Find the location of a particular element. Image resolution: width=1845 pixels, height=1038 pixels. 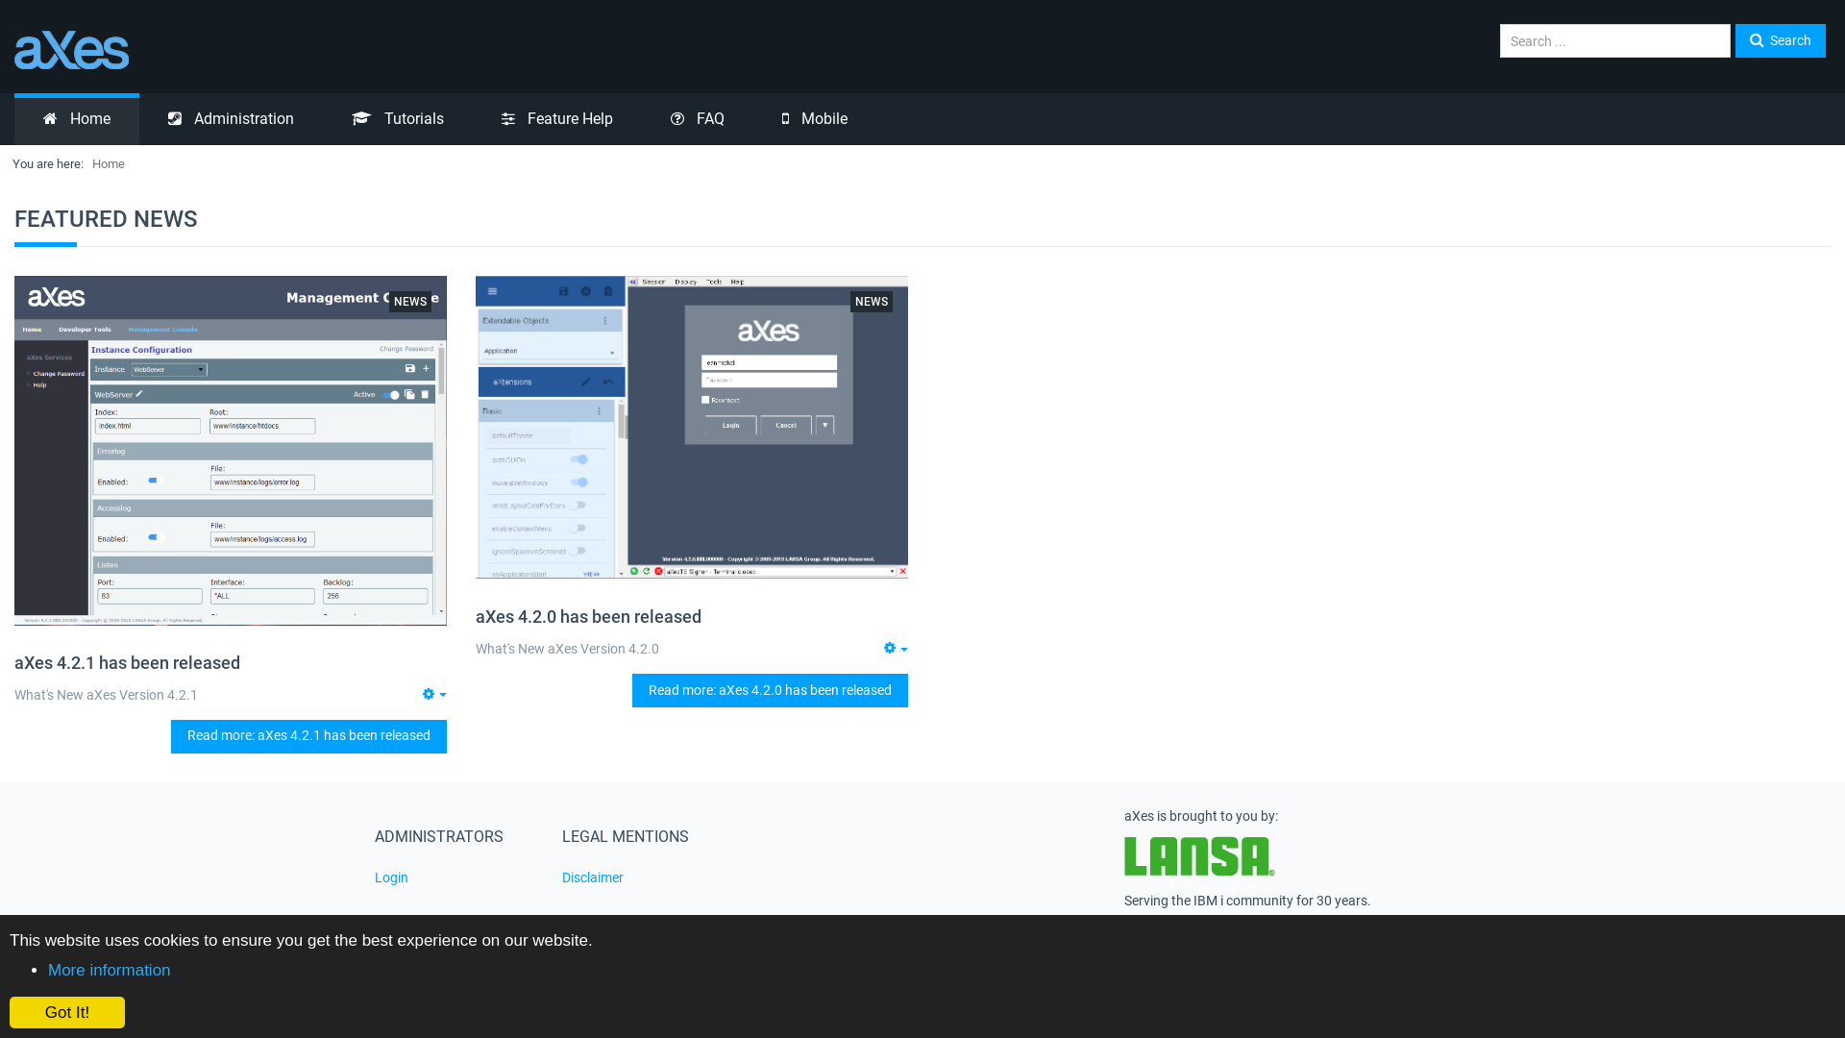

'Tutorials' is located at coordinates (396, 118).